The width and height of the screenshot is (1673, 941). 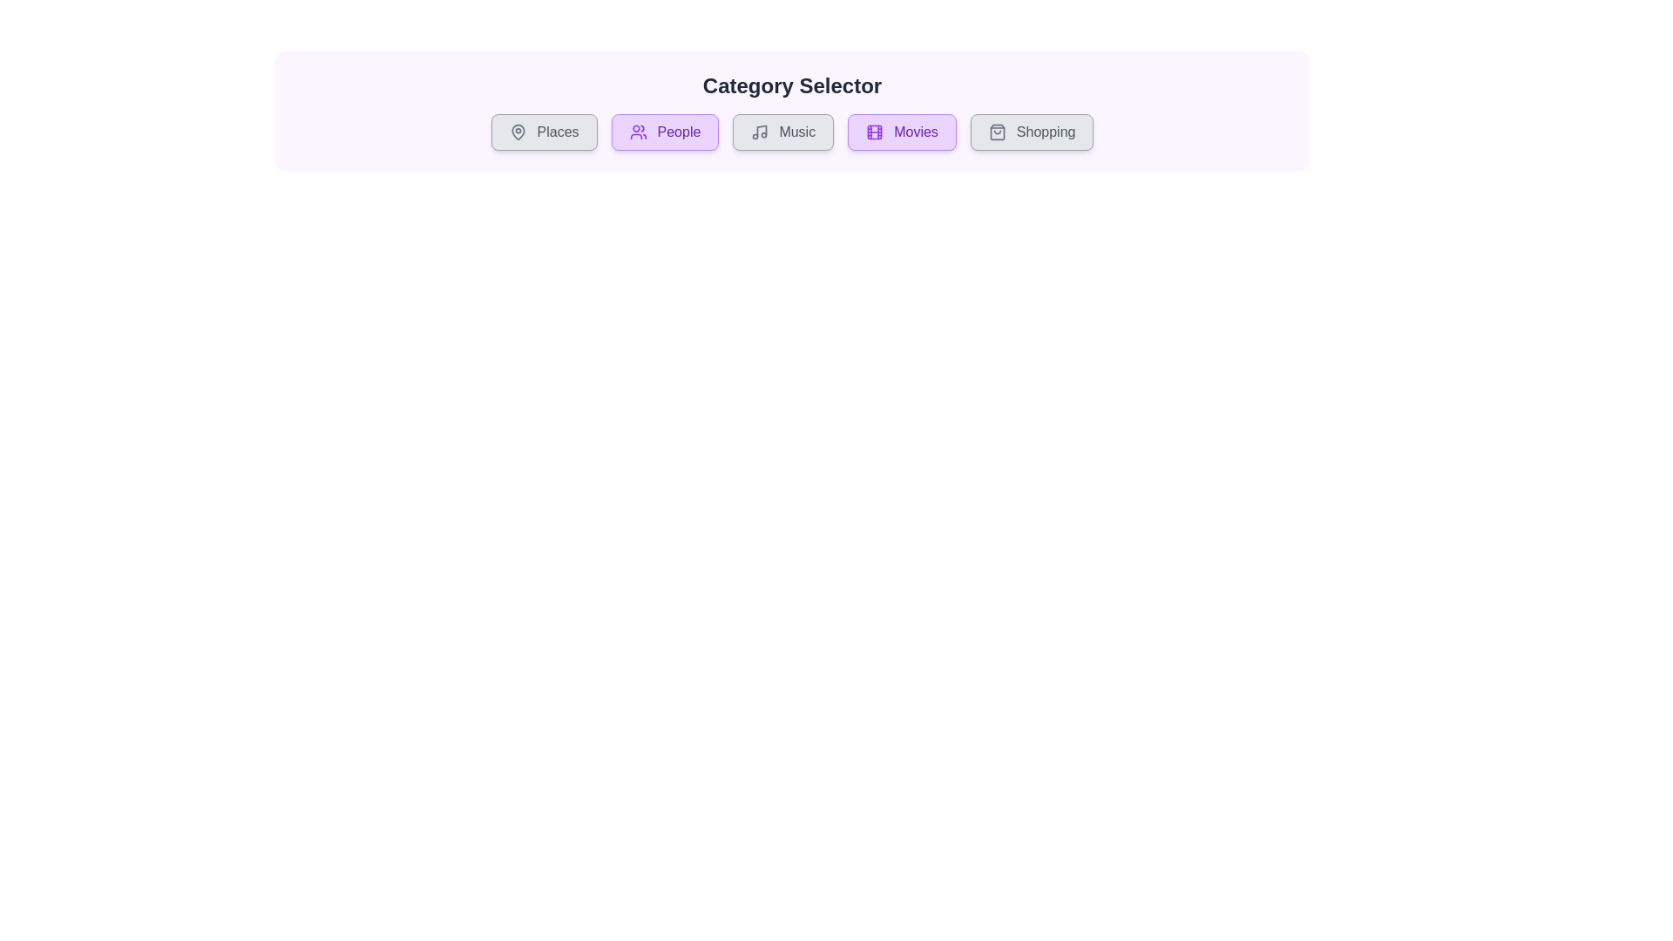 What do you see at coordinates (902, 131) in the screenshot?
I see `the category button labeled Movies to toggle its selection state` at bounding box center [902, 131].